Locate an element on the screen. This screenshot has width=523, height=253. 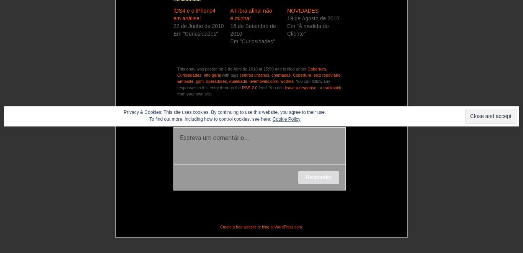
'Curiosidades' is located at coordinates (189, 75).